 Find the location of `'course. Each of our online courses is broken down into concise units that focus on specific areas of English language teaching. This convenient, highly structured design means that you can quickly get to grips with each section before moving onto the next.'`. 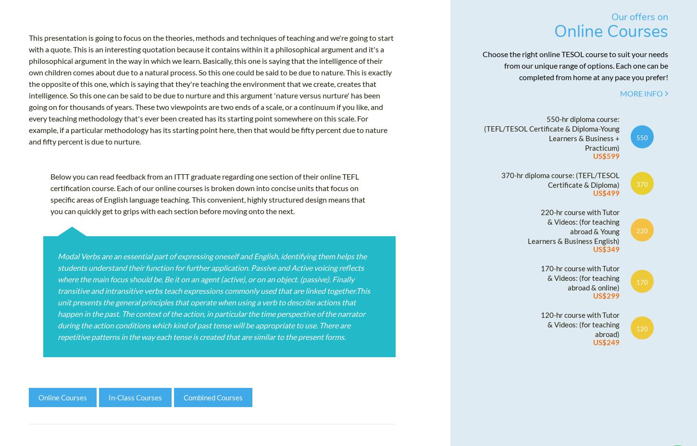

'course. Each of our online courses is broken down into concise units that focus on specific areas of English language teaching. This convenient, highly structured design means that you can quickly get to grips with each section before moving onto the next.' is located at coordinates (207, 202).